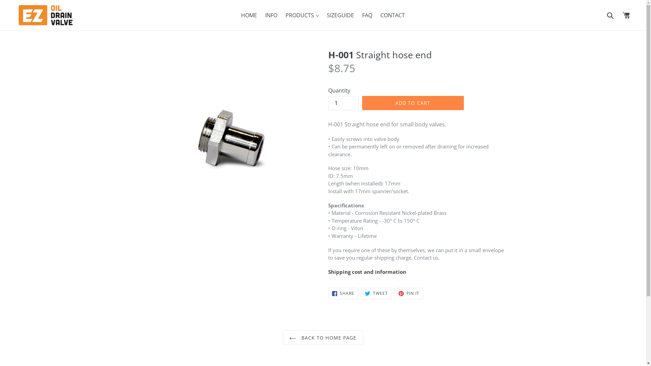 Image resolution: width=651 pixels, height=366 pixels. I want to click on 'BACK TO HOME PAGE', so click(322, 338).